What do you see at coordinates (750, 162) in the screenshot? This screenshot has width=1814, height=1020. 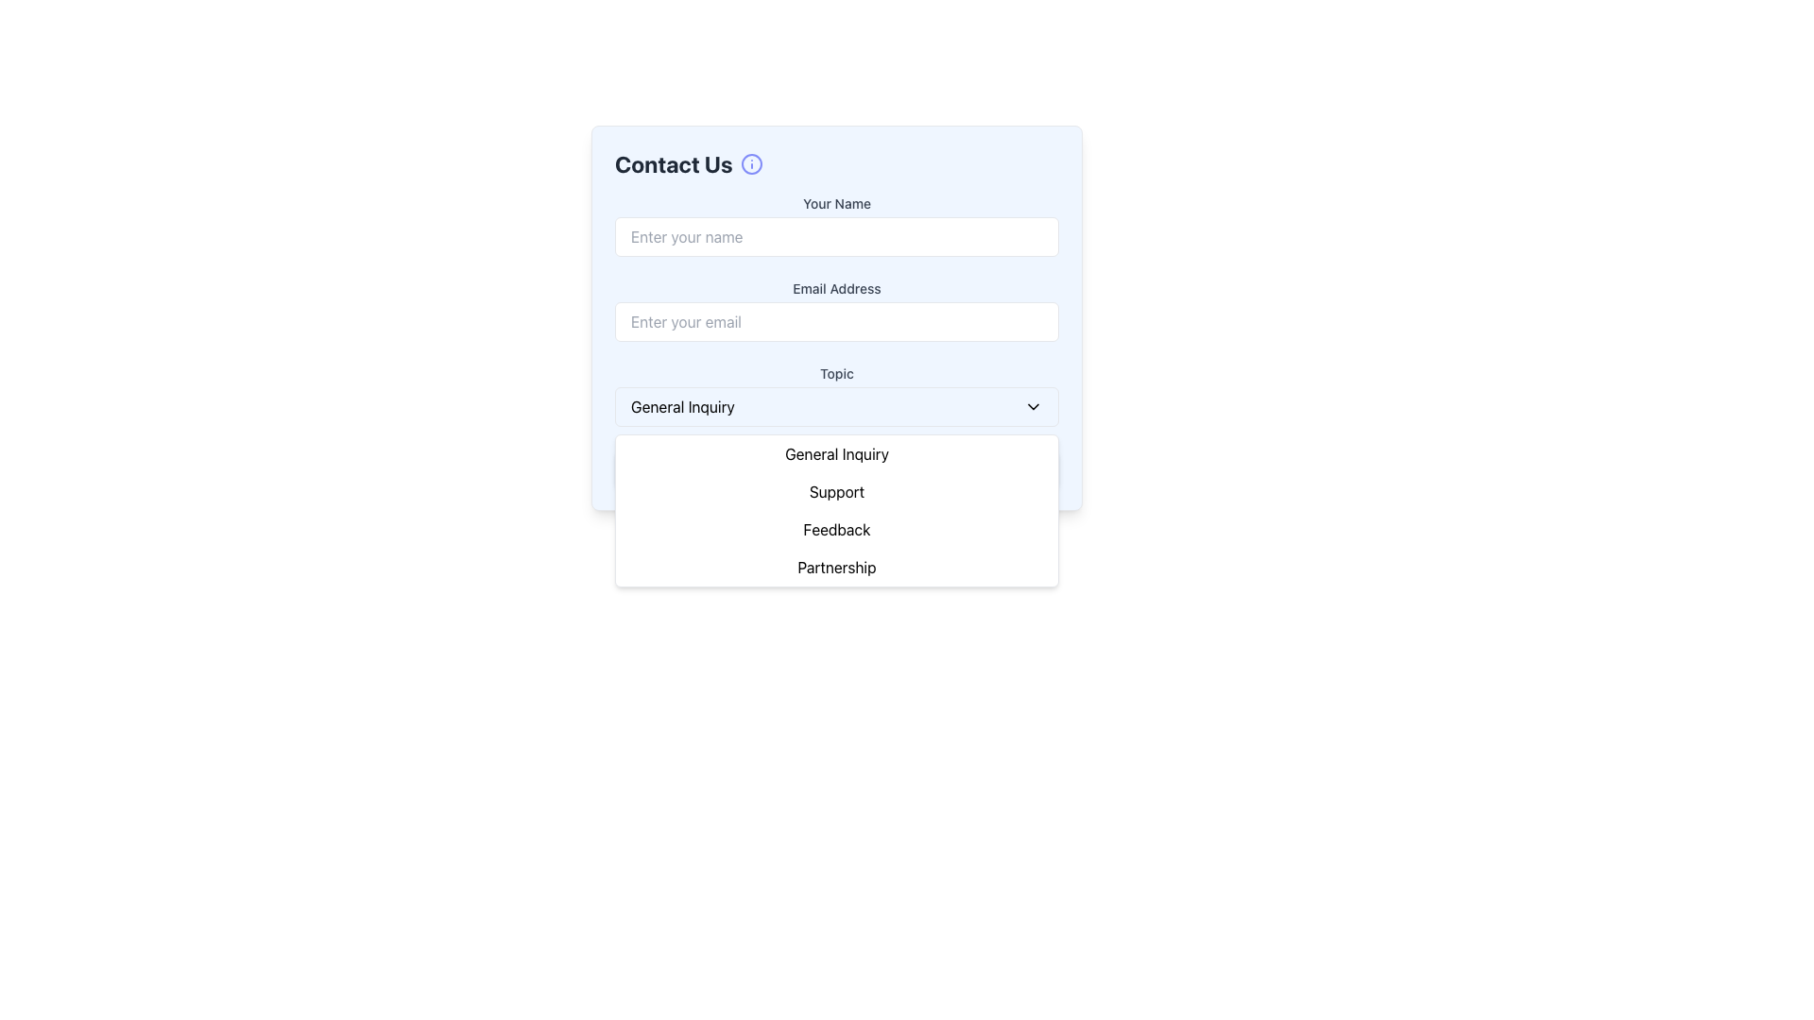 I see `the information indicator icon located immediately to the right of the 'Contact Us' text label` at bounding box center [750, 162].